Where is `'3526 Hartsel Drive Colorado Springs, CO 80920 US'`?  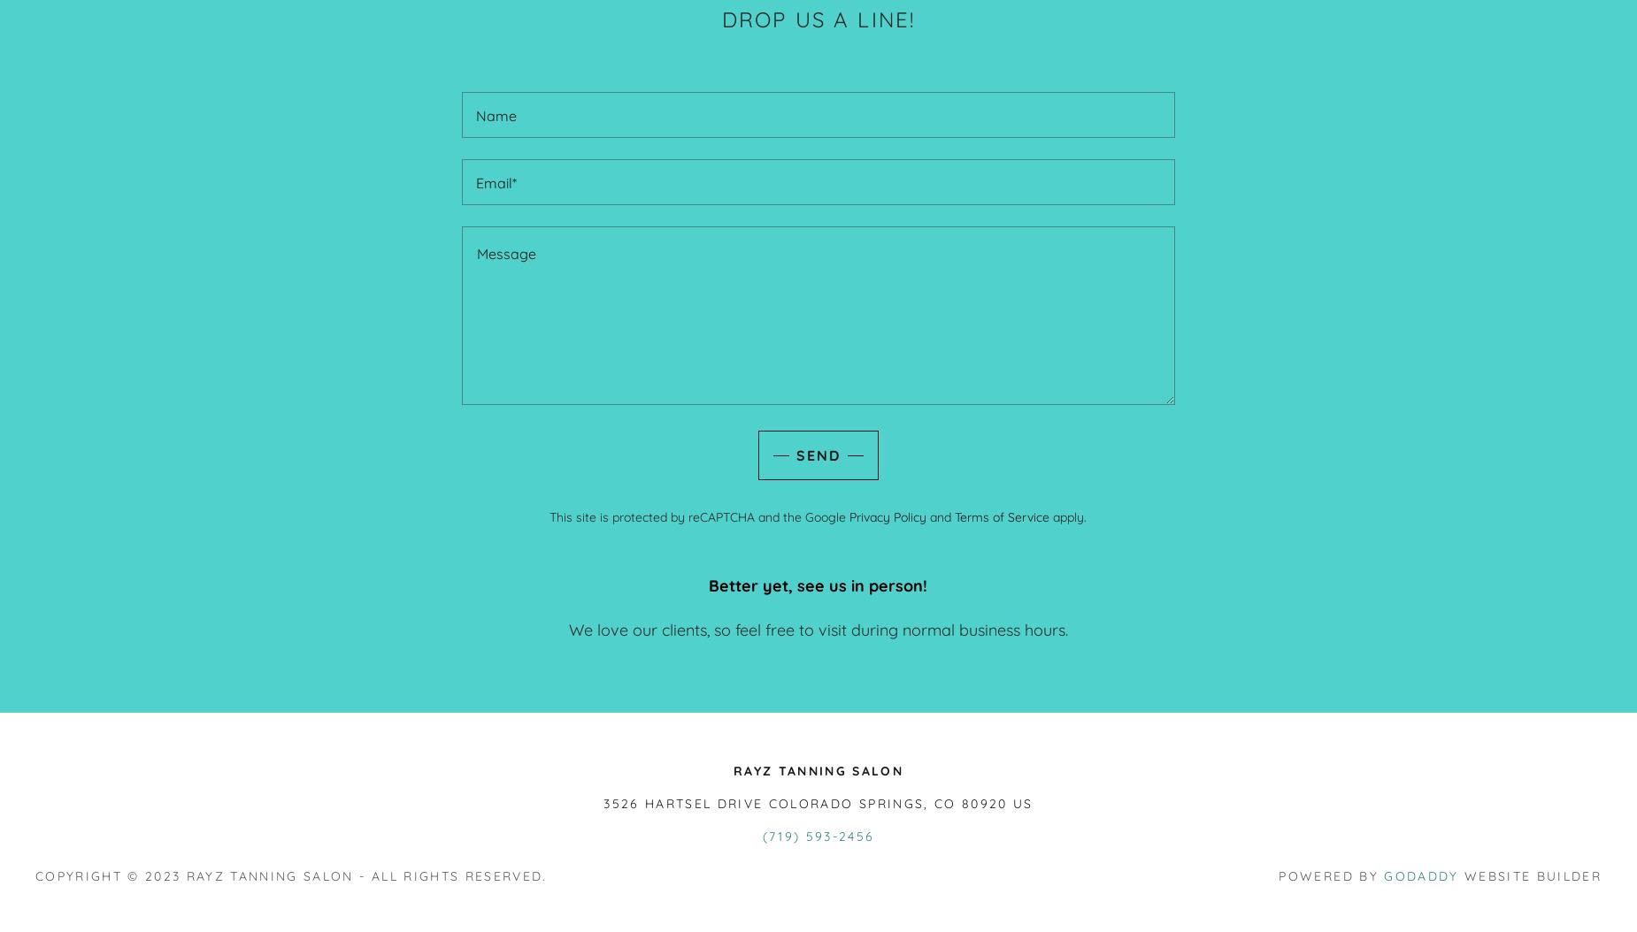 '3526 Hartsel Drive Colorado Springs, CO 80920 US' is located at coordinates (603, 802).